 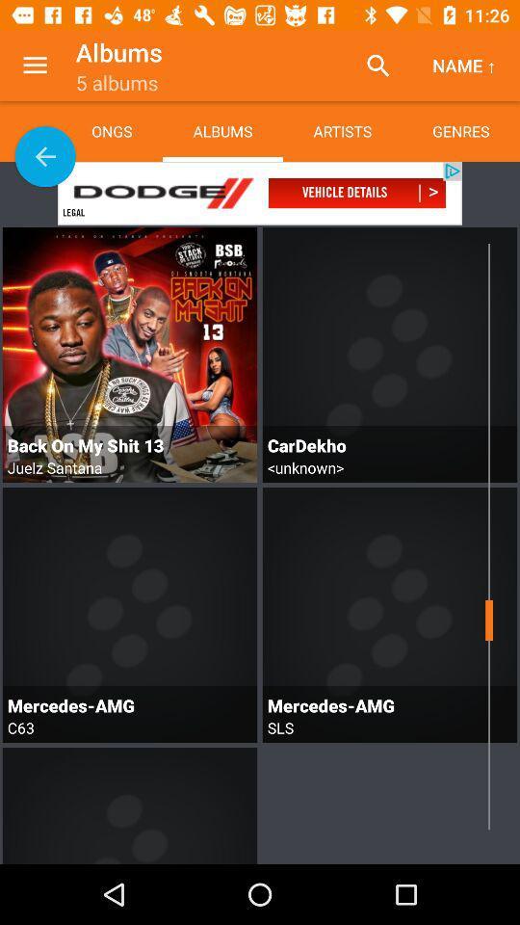 What do you see at coordinates (45, 155) in the screenshot?
I see `go back` at bounding box center [45, 155].